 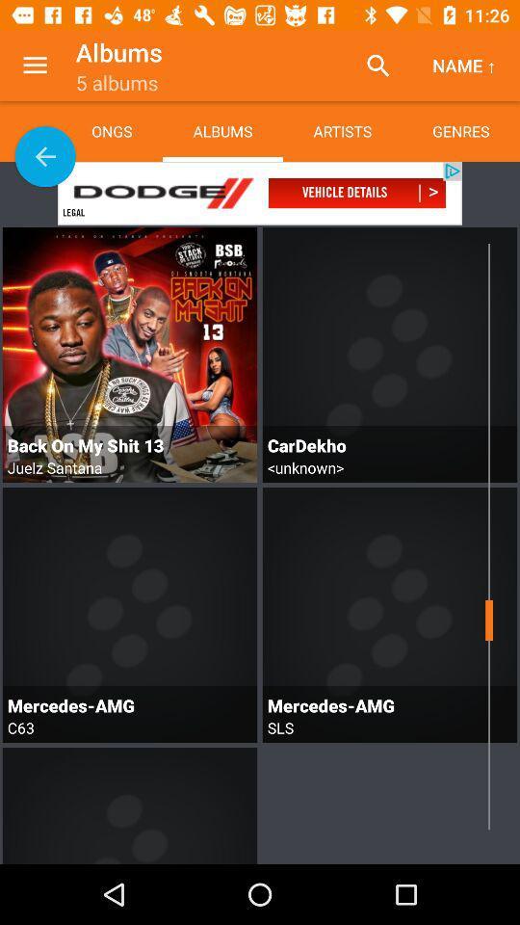 What do you see at coordinates (45, 155) in the screenshot?
I see `go back` at bounding box center [45, 155].